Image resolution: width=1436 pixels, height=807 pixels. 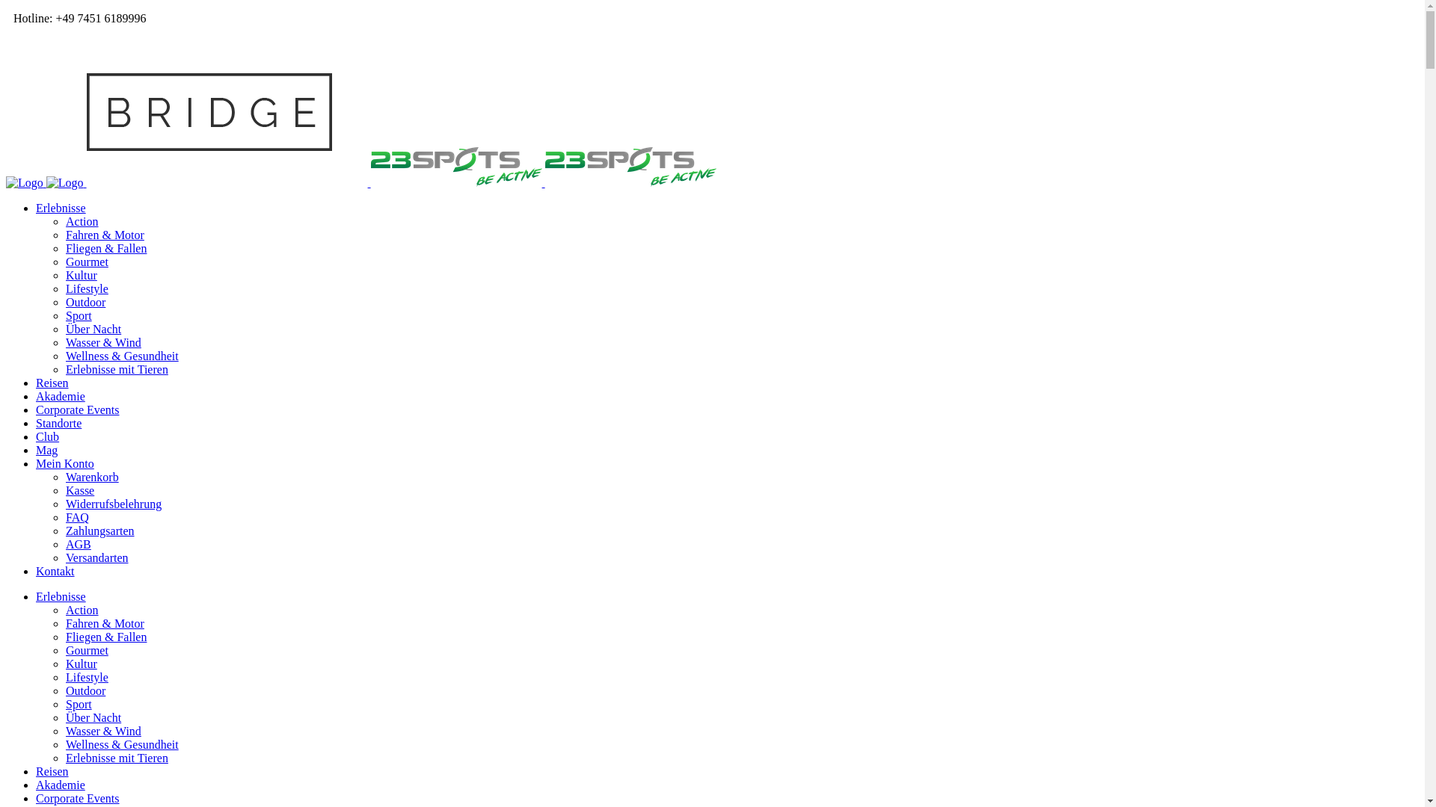 What do you see at coordinates (113, 504) in the screenshot?
I see `'Widerrufsbelehrung'` at bounding box center [113, 504].